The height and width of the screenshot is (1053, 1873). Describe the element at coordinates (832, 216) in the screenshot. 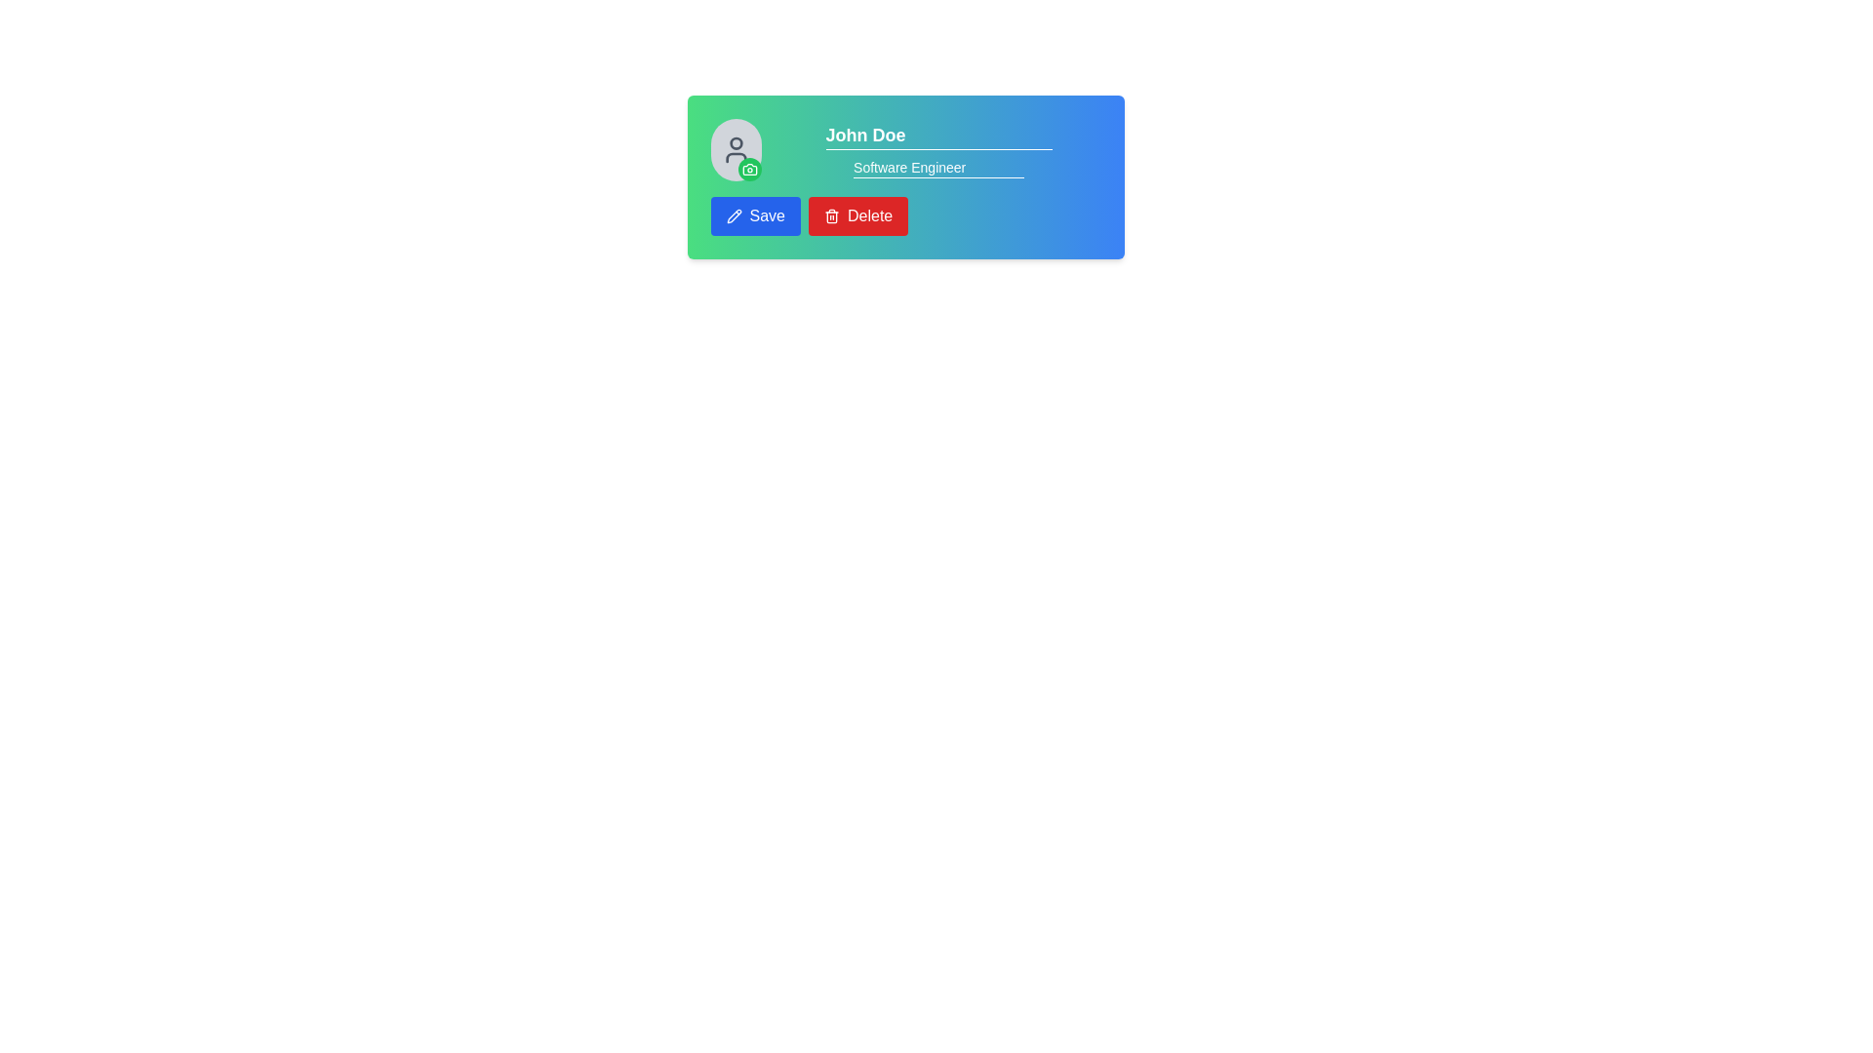

I see `the trash can icon with a red background located inside the rounded red button labeled 'Delete'` at that location.